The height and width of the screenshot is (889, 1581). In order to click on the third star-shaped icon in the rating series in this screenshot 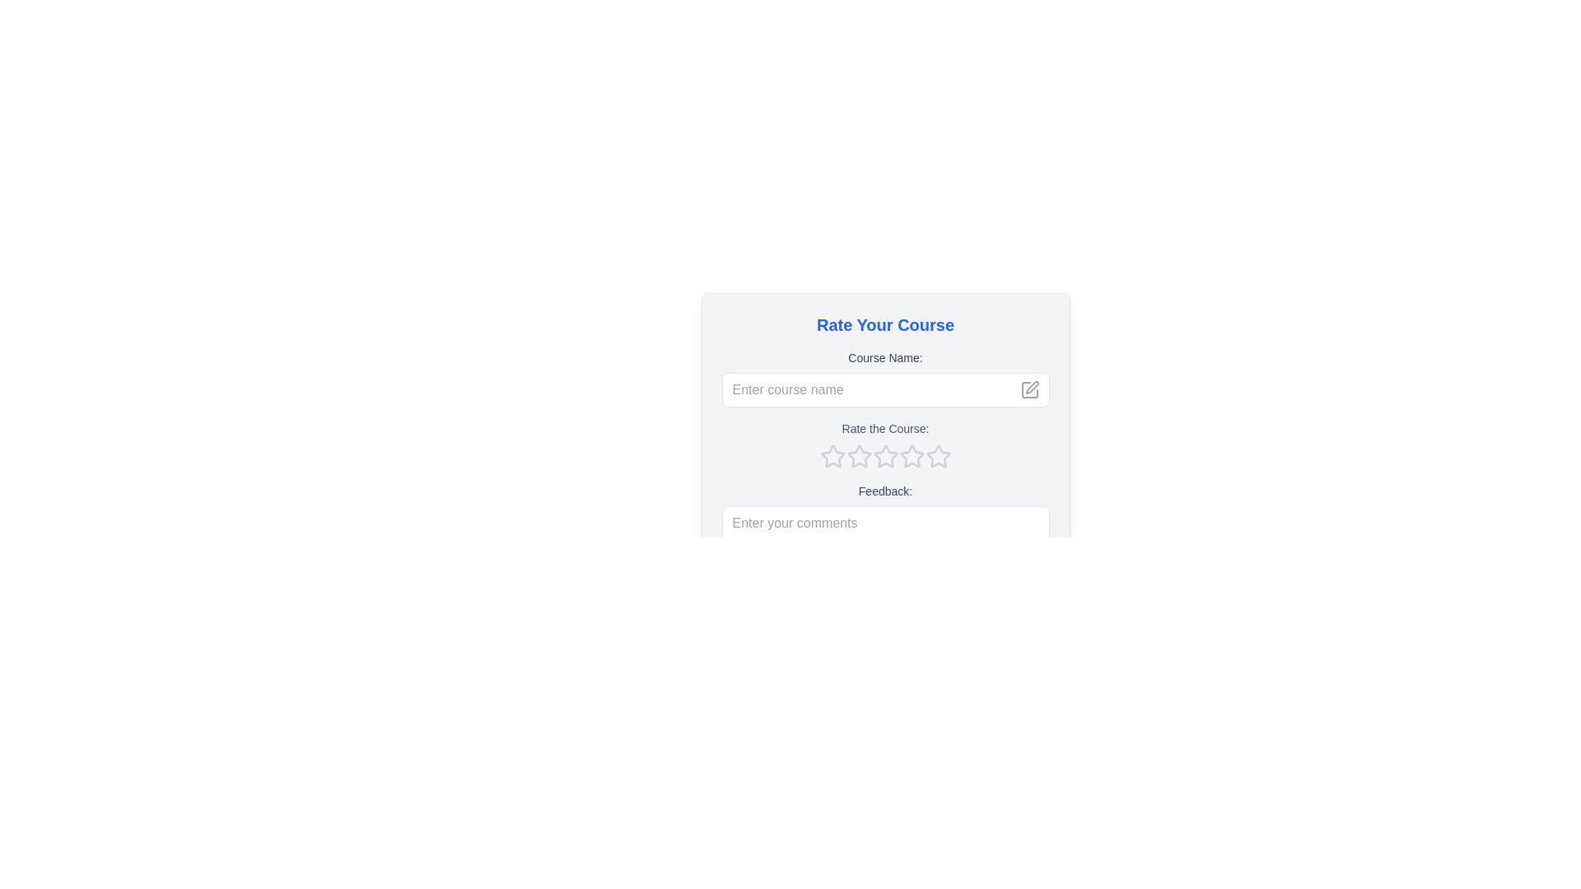, I will do `click(911, 456)`.